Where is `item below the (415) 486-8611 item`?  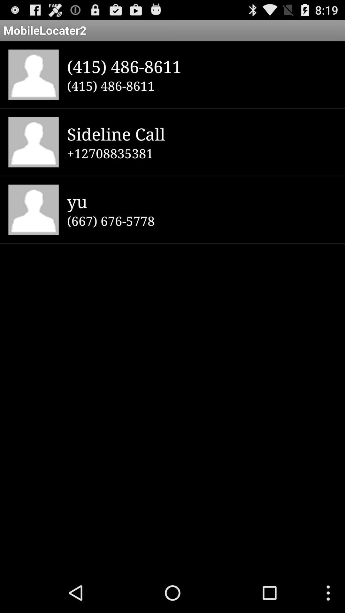 item below the (415) 486-8611 item is located at coordinates (202, 133).